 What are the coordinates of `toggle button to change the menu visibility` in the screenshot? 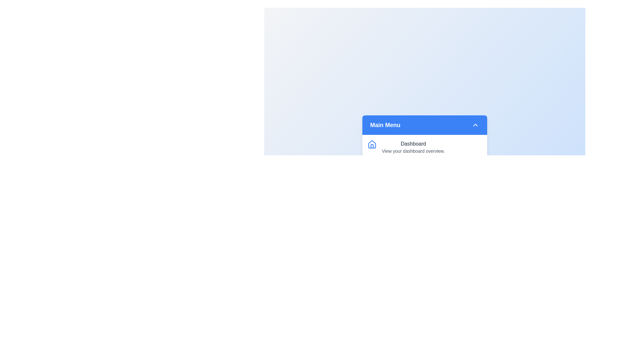 It's located at (475, 125).